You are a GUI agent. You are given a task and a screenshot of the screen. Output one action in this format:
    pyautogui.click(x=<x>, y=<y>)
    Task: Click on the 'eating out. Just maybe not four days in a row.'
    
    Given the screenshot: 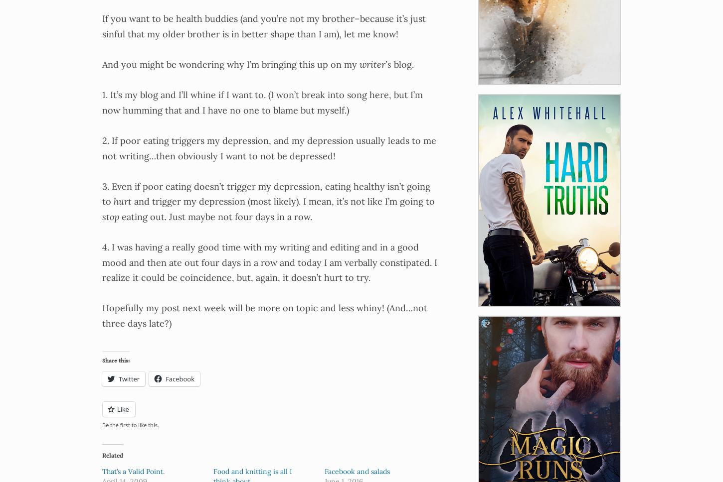 What is the action you would take?
    pyautogui.click(x=215, y=216)
    